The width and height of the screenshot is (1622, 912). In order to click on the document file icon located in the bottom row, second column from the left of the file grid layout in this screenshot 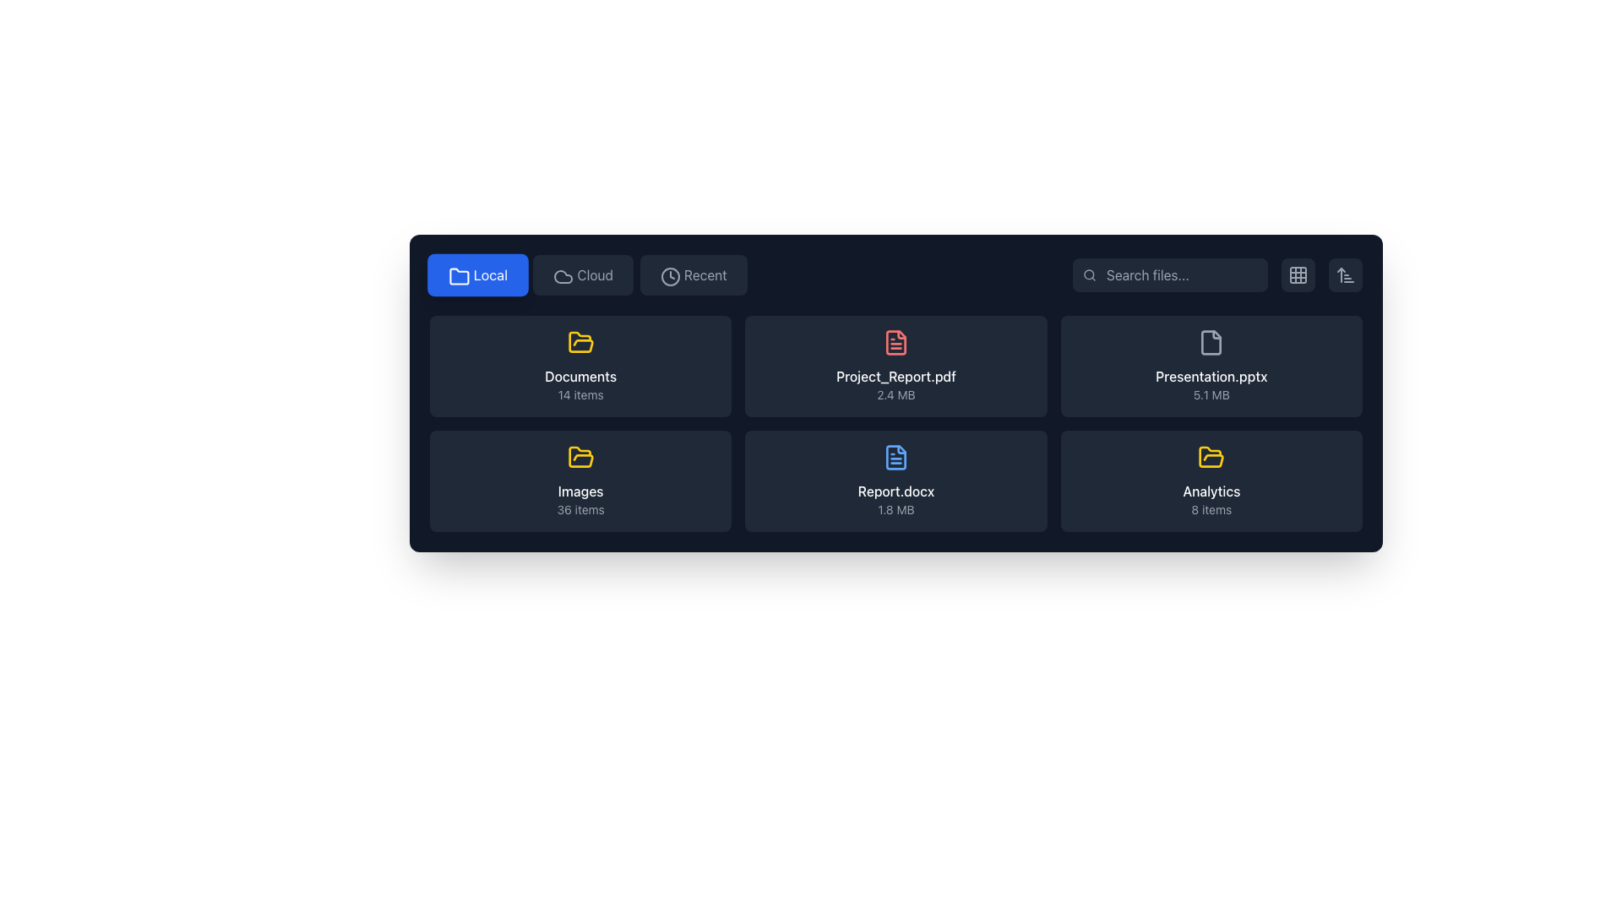, I will do `click(895, 458)`.